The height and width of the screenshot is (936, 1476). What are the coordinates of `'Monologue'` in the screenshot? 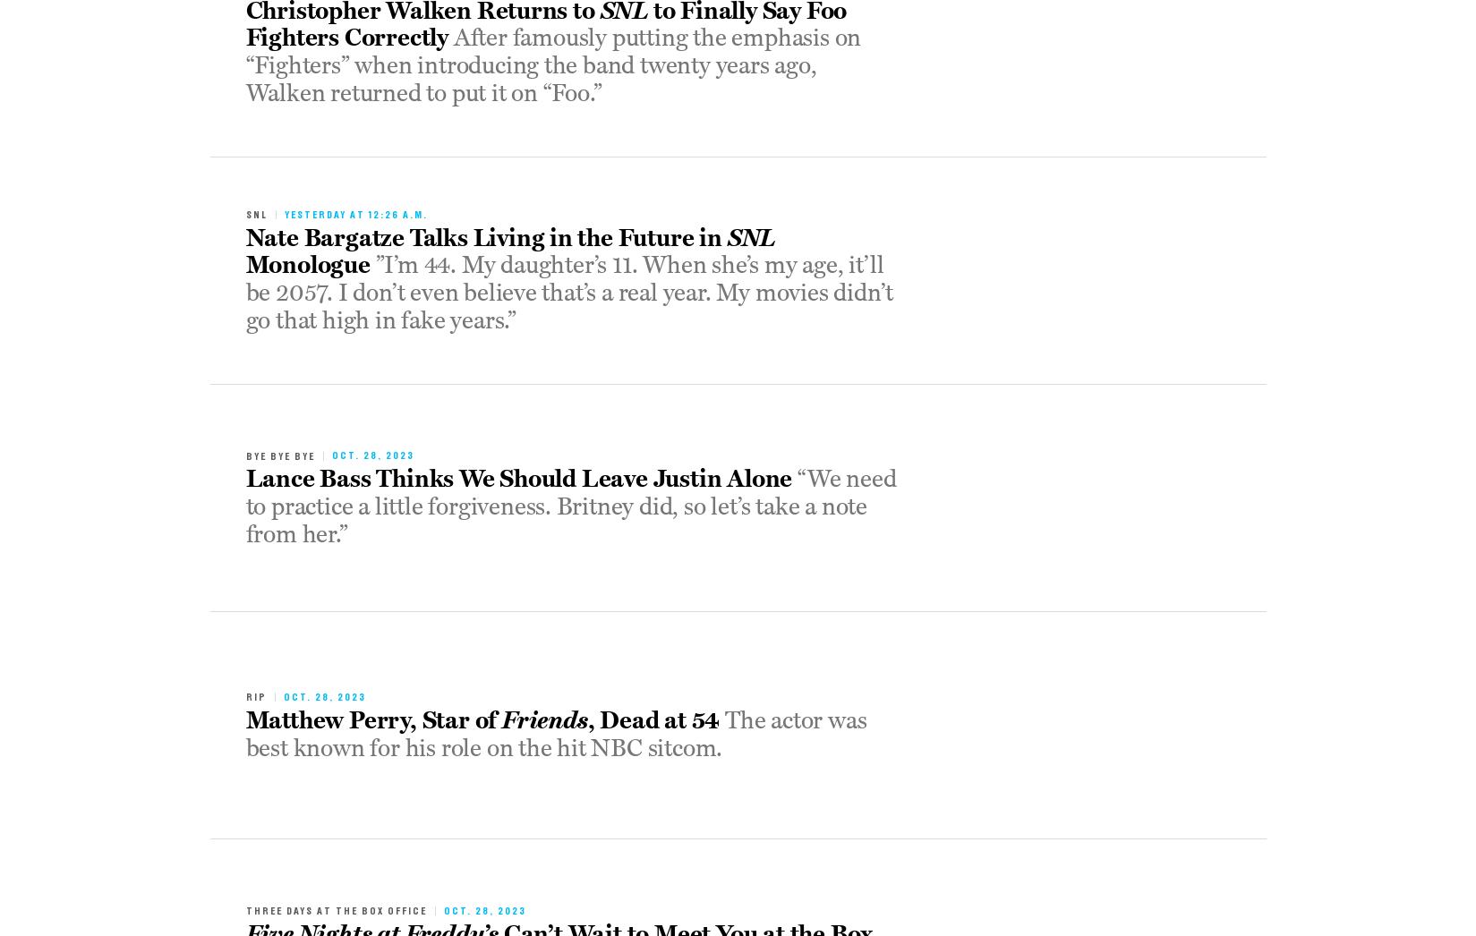 It's located at (245, 265).